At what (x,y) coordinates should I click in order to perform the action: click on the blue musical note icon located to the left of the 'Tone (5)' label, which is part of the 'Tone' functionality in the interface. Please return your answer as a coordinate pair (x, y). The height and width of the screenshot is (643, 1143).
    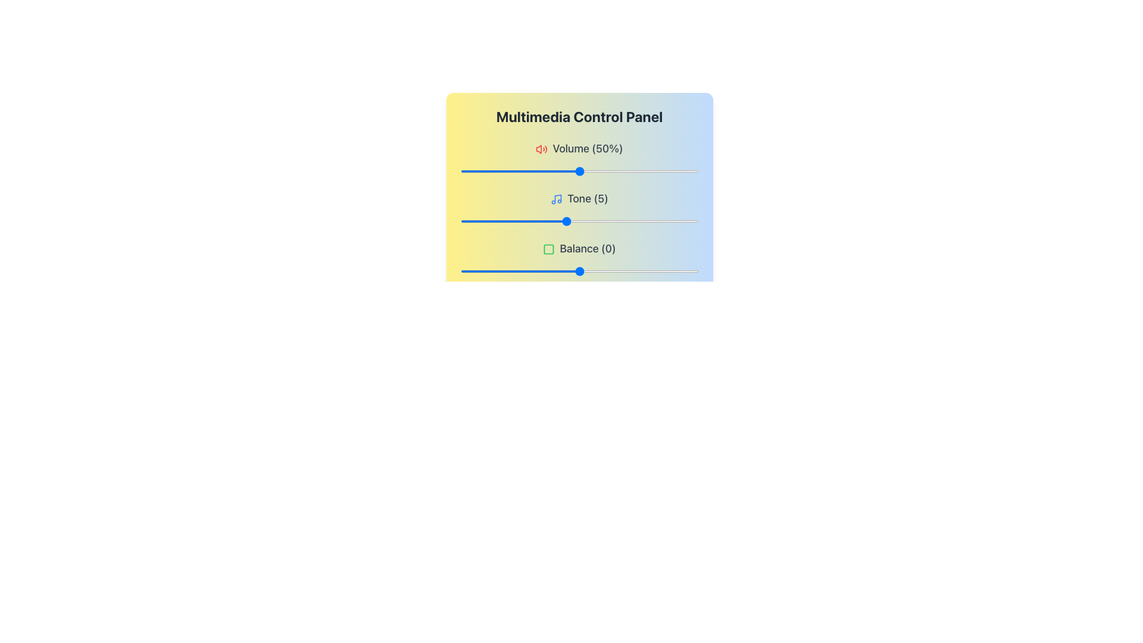
    Looking at the image, I should click on (556, 199).